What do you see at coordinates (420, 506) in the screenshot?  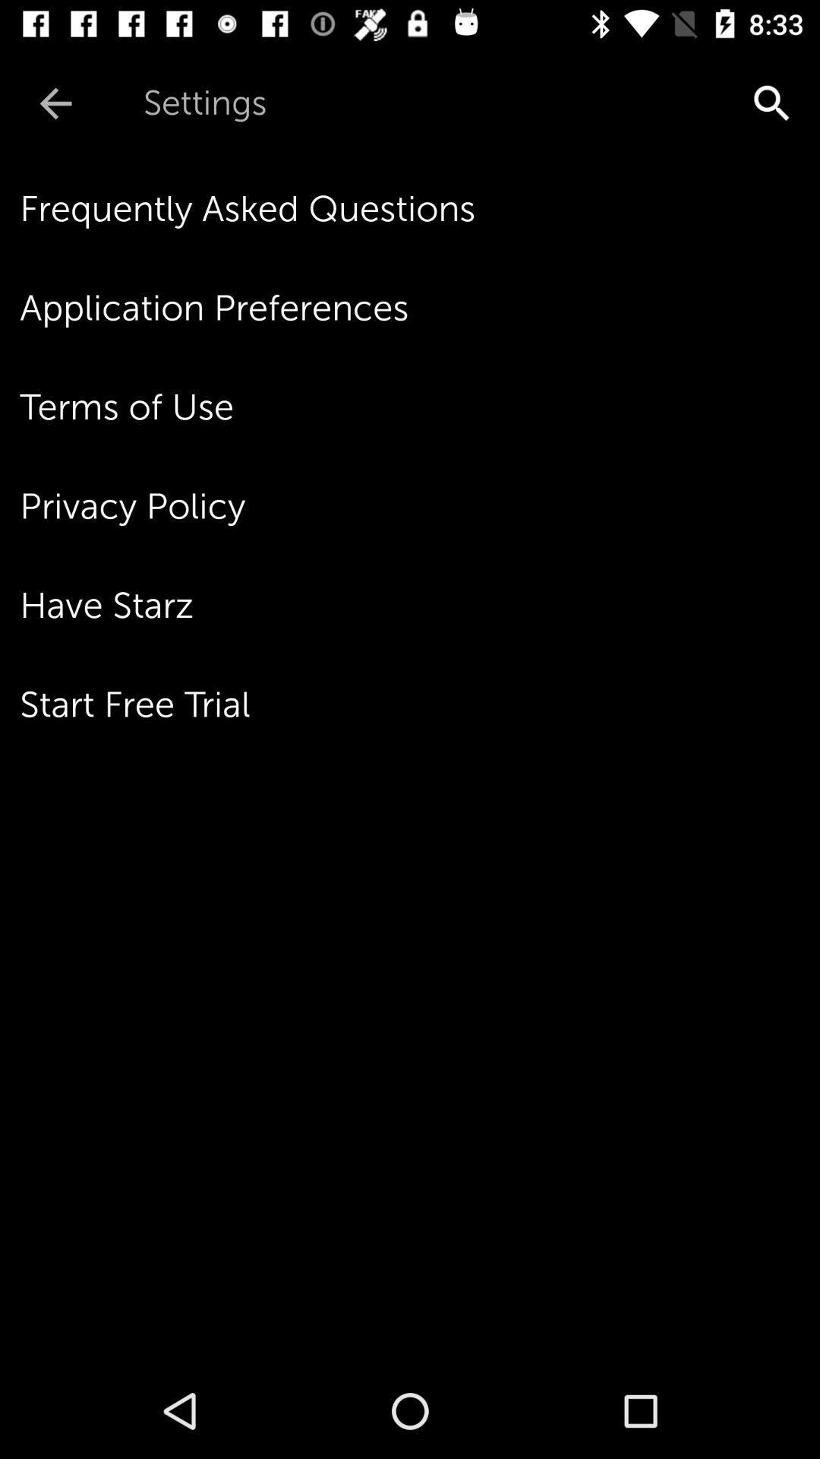 I see `icon above the have starz icon` at bounding box center [420, 506].